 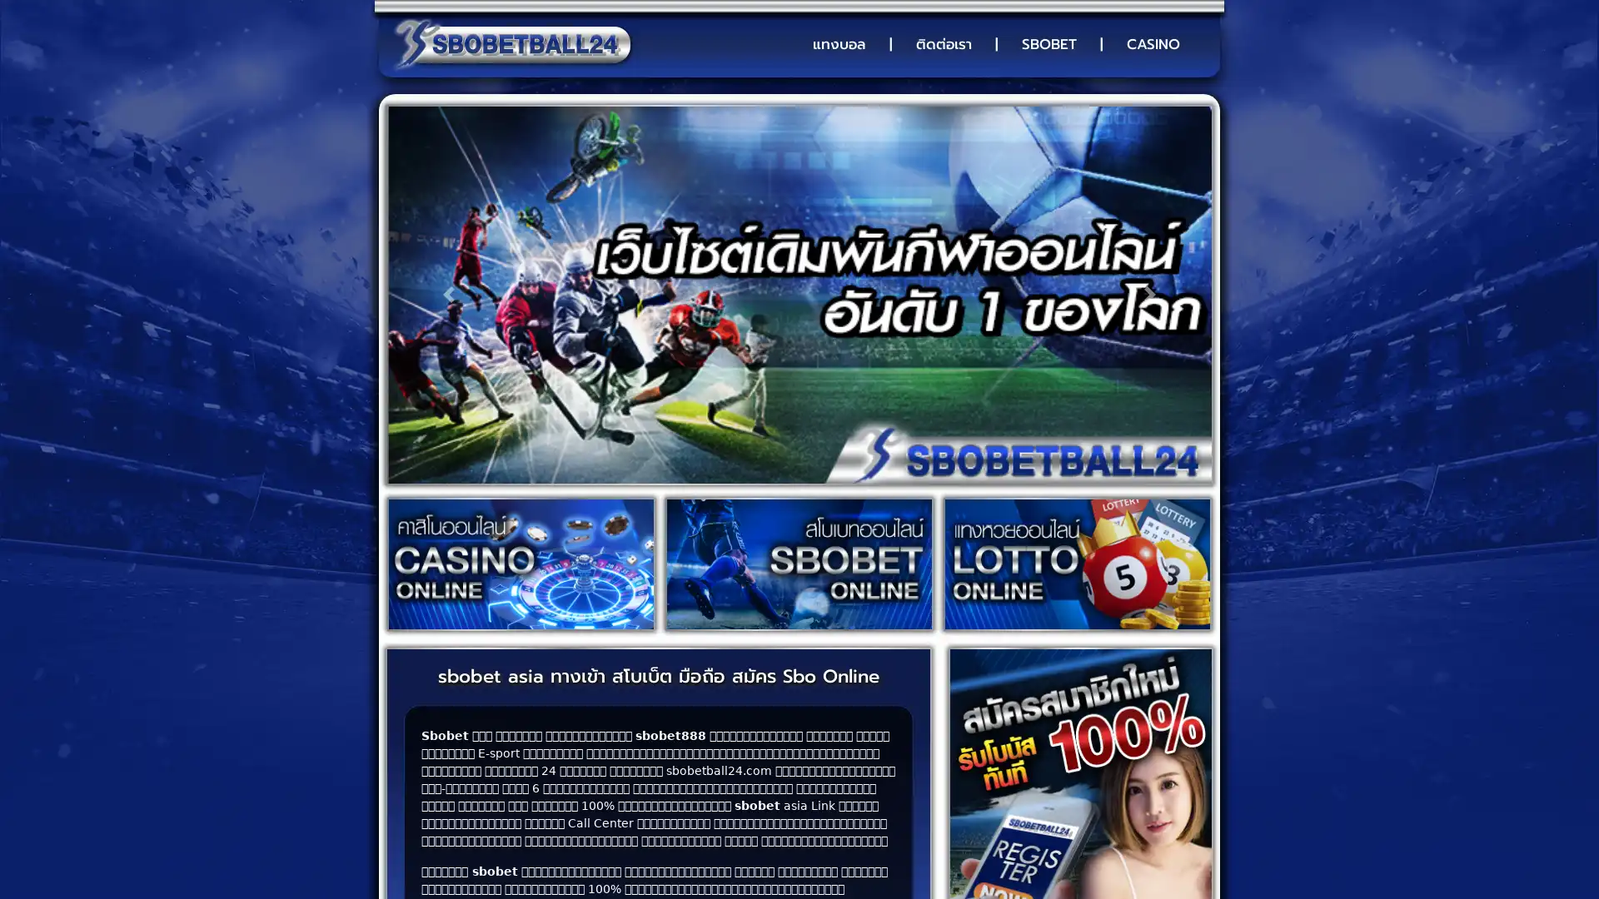 I want to click on Previous, so click(x=448, y=294).